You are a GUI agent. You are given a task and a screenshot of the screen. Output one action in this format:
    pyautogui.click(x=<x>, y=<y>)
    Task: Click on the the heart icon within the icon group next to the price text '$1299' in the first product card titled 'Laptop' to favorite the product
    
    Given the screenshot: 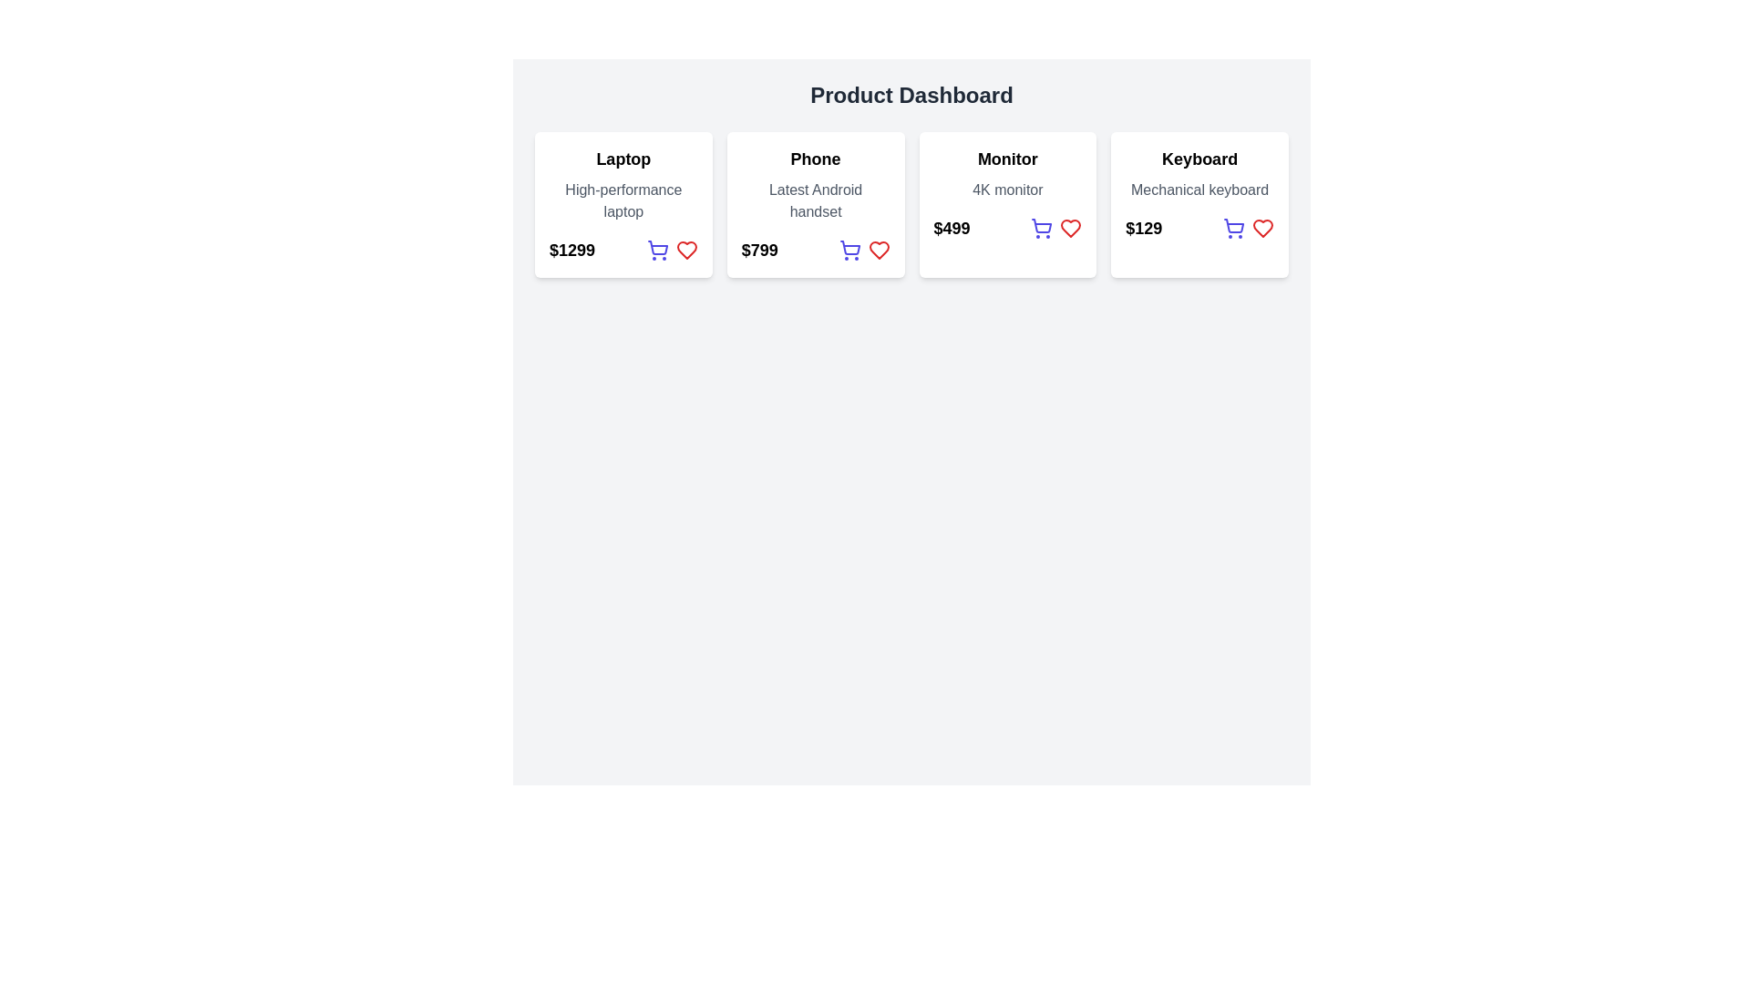 What is the action you would take?
    pyautogui.click(x=671, y=250)
    